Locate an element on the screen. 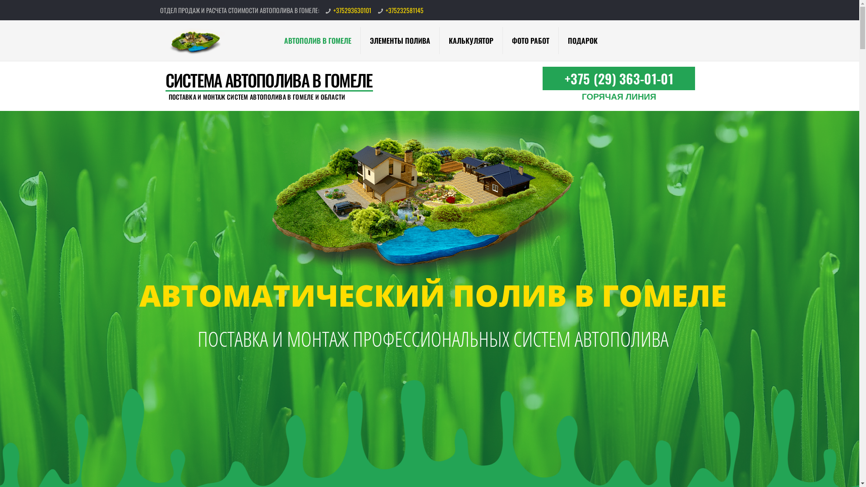  '+375293630101' is located at coordinates (352, 10).